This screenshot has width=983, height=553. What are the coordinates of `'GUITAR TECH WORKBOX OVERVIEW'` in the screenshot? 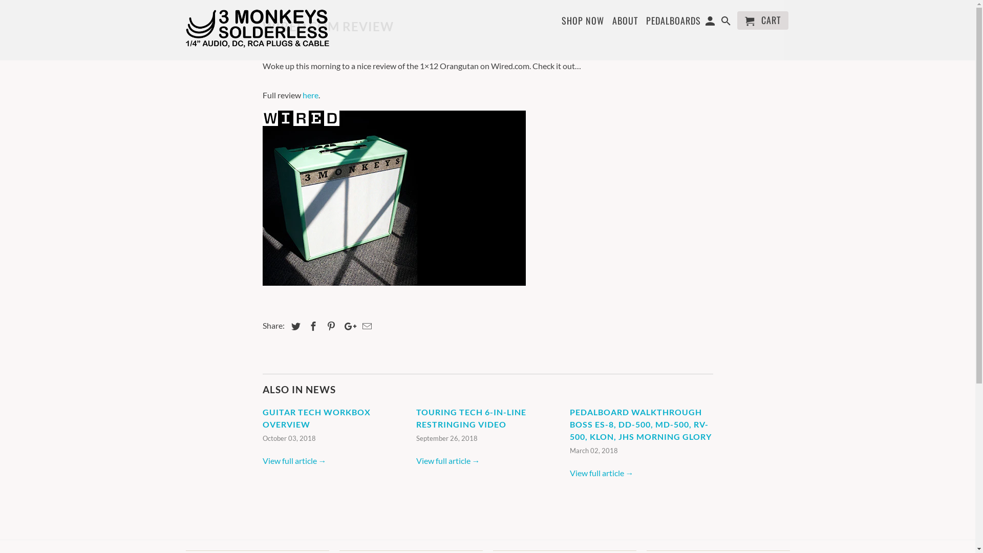 It's located at (315, 418).